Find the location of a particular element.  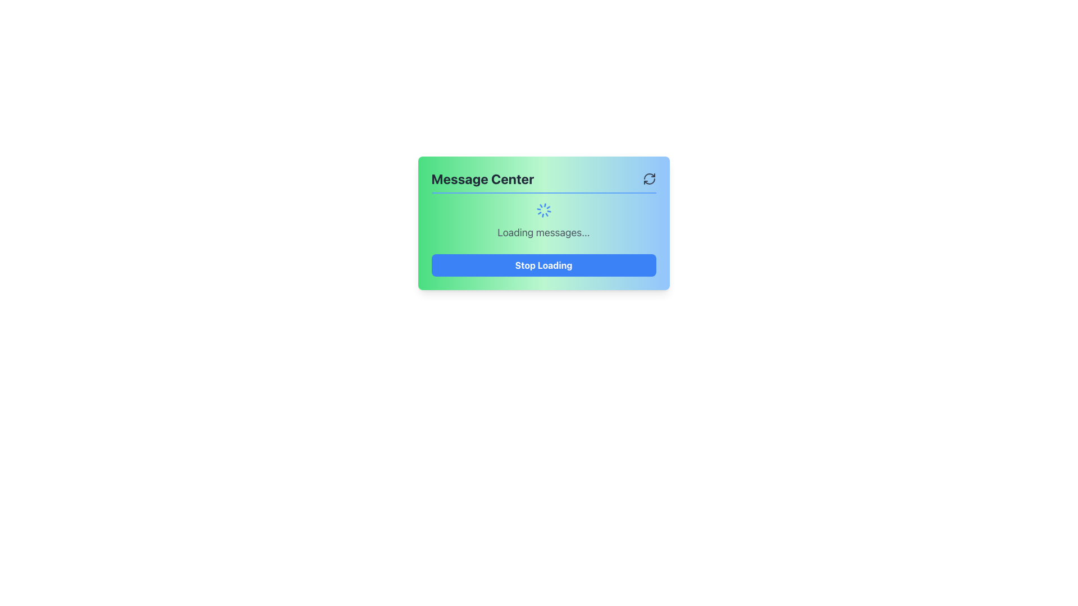

the text label that displays the status message indicating that messages are currently being loaded, located below a spinning icon and above the 'Stop Loading' button is located at coordinates (543, 232).